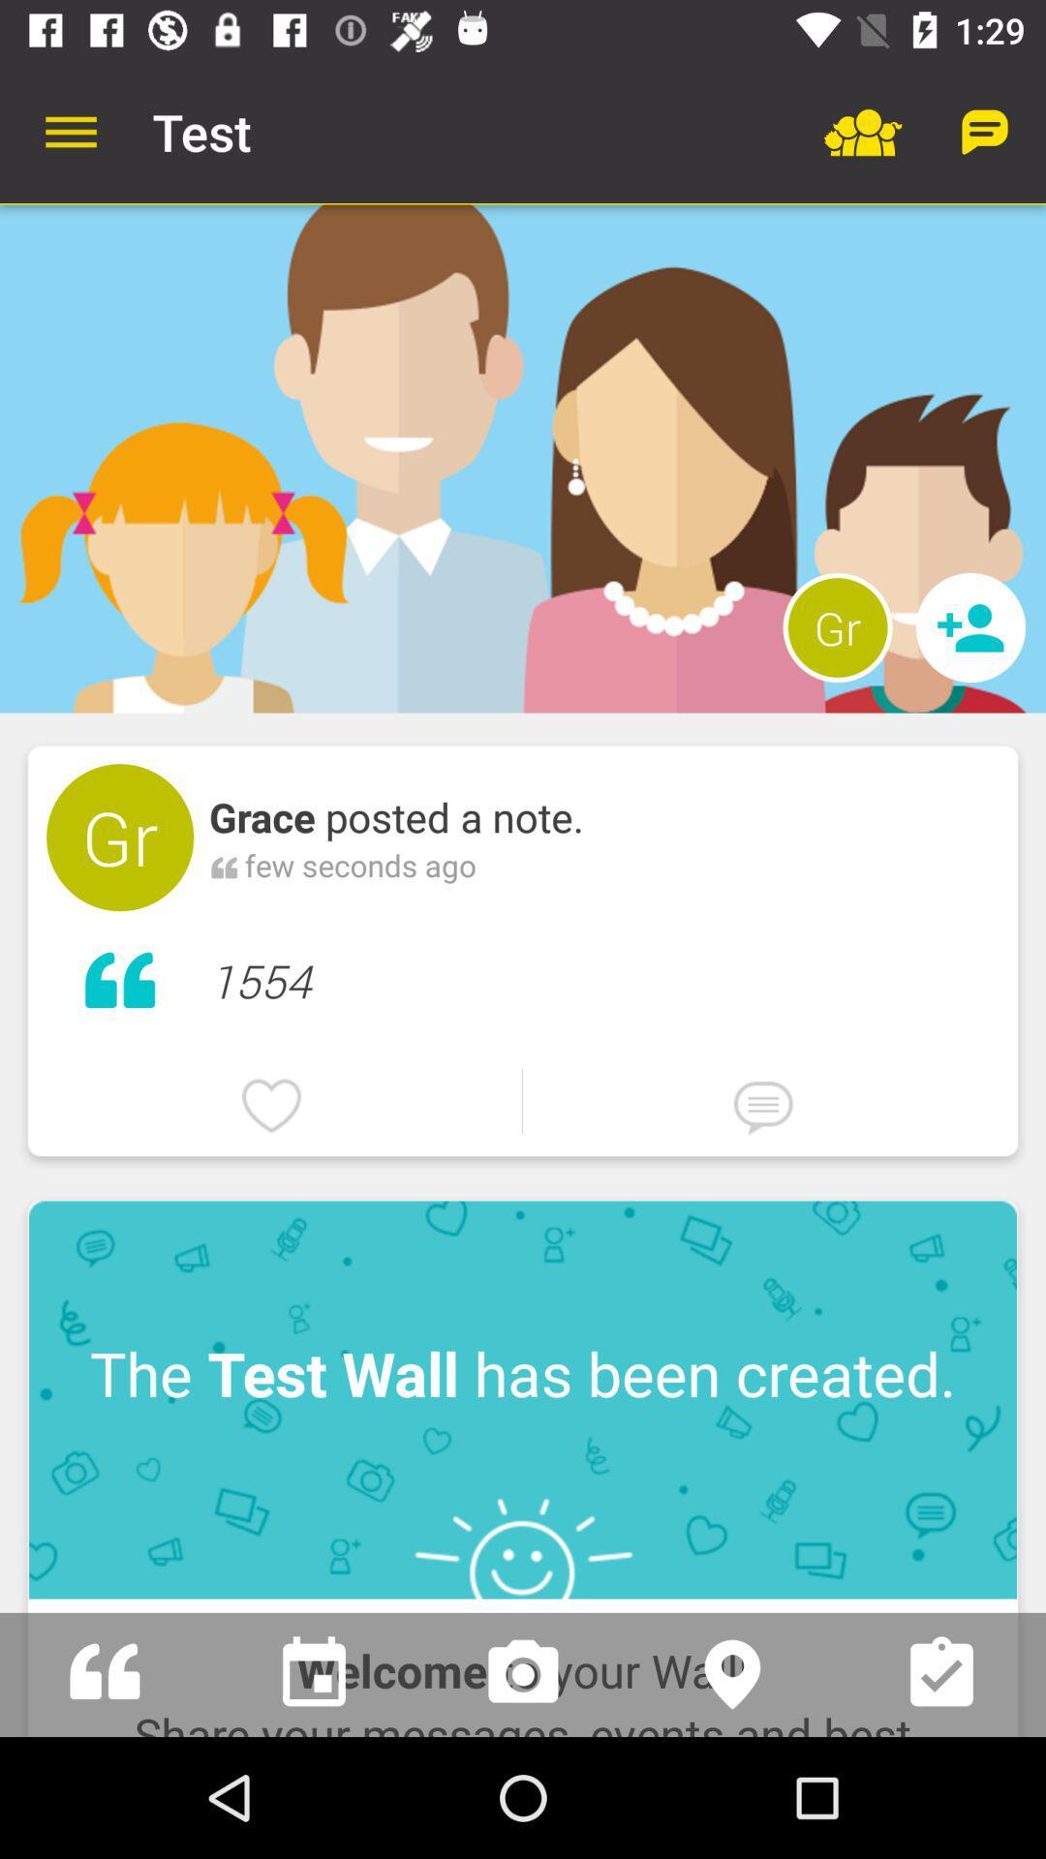 Image resolution: width=1046 pixels, height=1859 pixels. Describe the element at coordinates (223, 864) in the screenshot. I see `icon next to few seconds ago` at that location.